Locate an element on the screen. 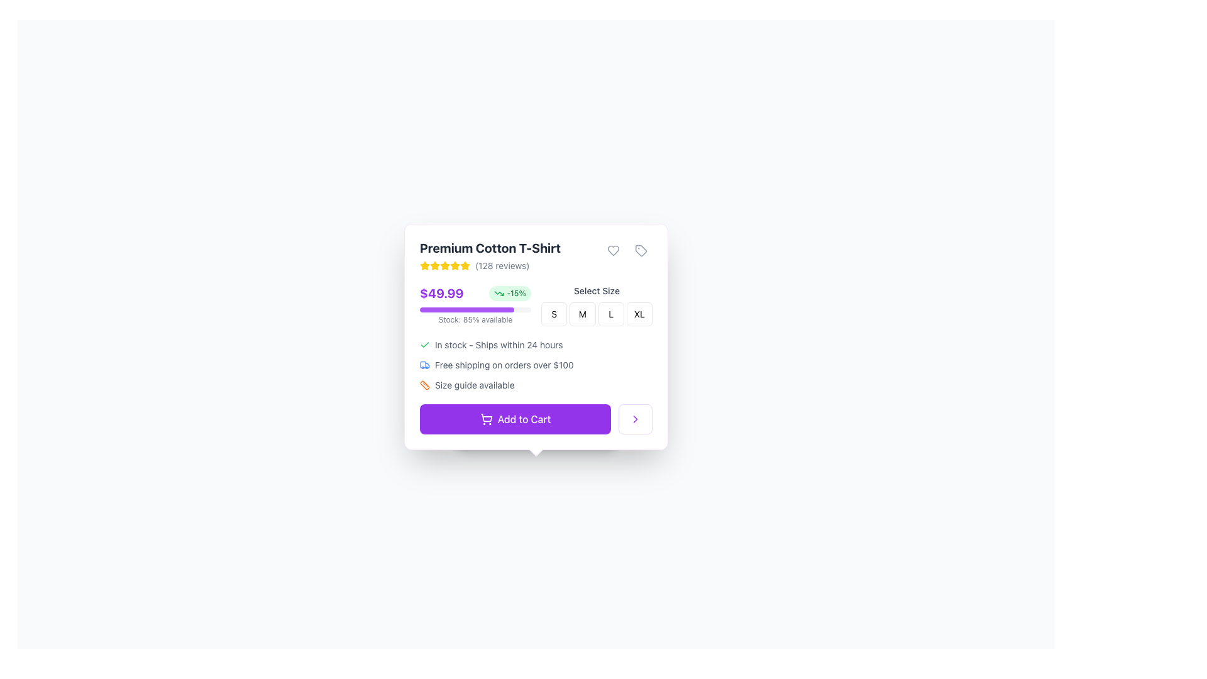 This screenshot has height=679, width=1207. the Text and icon group that contains information on stock availability, shipping details, and size guide to focus on it is located at coordinates (536, 365).